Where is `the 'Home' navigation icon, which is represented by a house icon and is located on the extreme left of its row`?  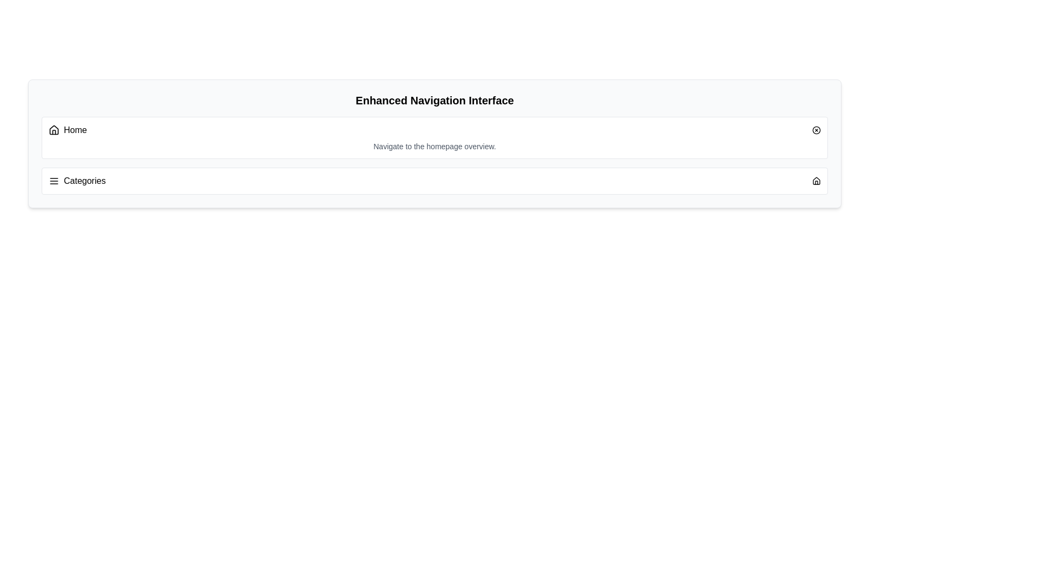
the 'Home' navigation icon, which is represented by a house icon and is located on the extreme left of its row is located at coordinates (54, 129).